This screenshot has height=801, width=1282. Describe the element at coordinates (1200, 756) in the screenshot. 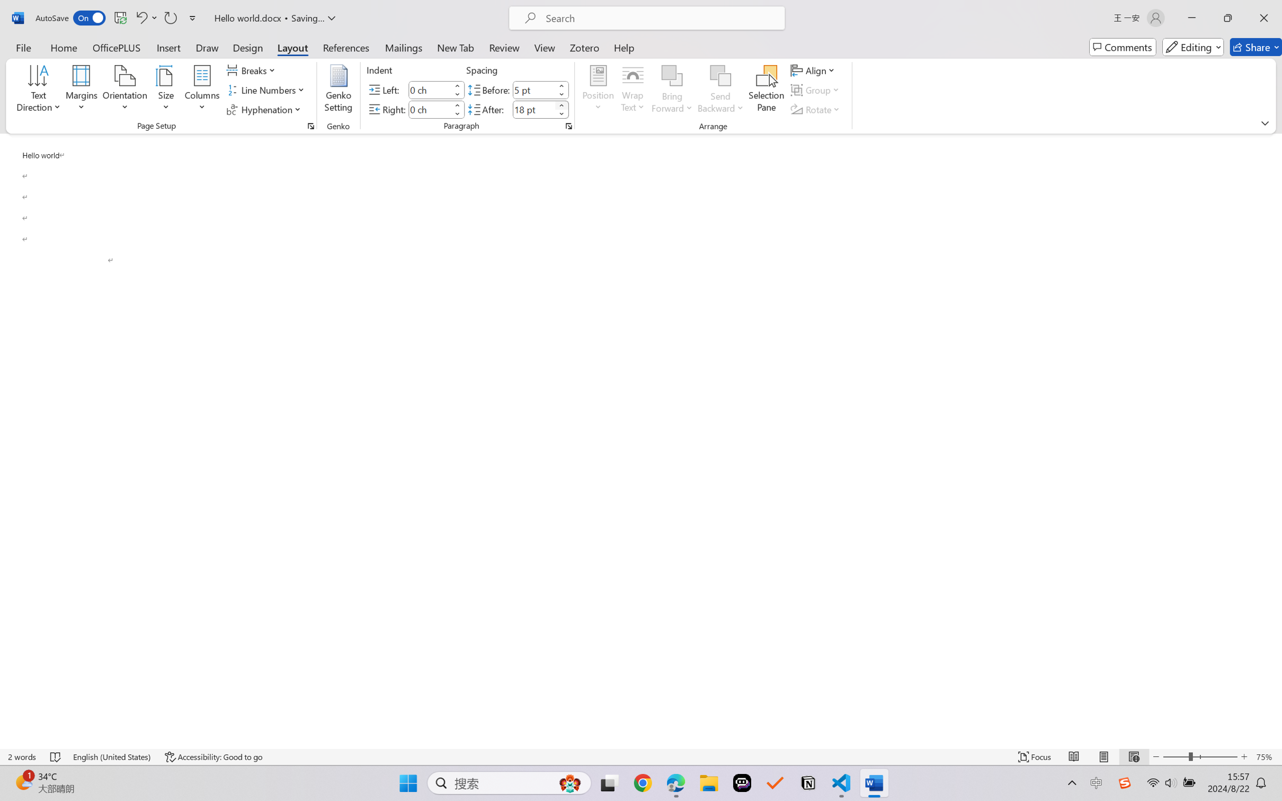

I see `'Zoom'` at that location.